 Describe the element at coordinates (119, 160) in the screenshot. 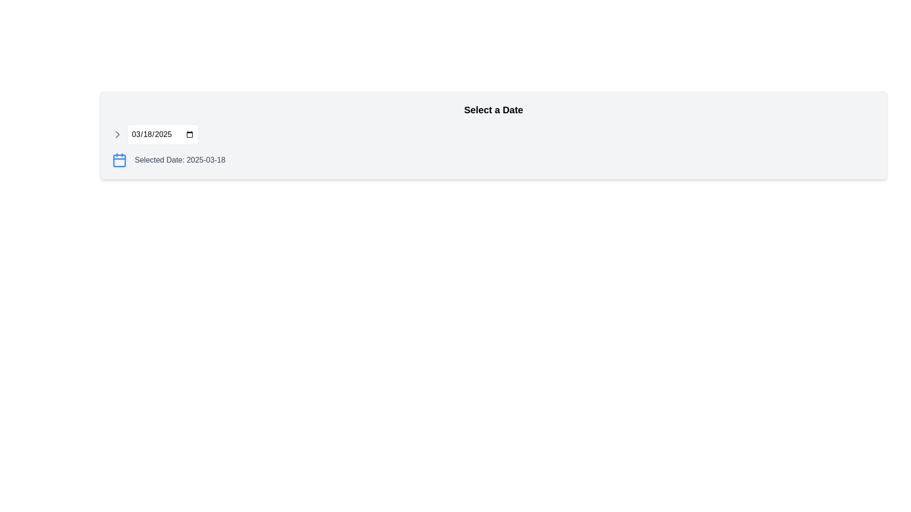

I see `the calendar icon that is left-aligned next to the text 'Selected Date: 2025-03-18'` at that location.